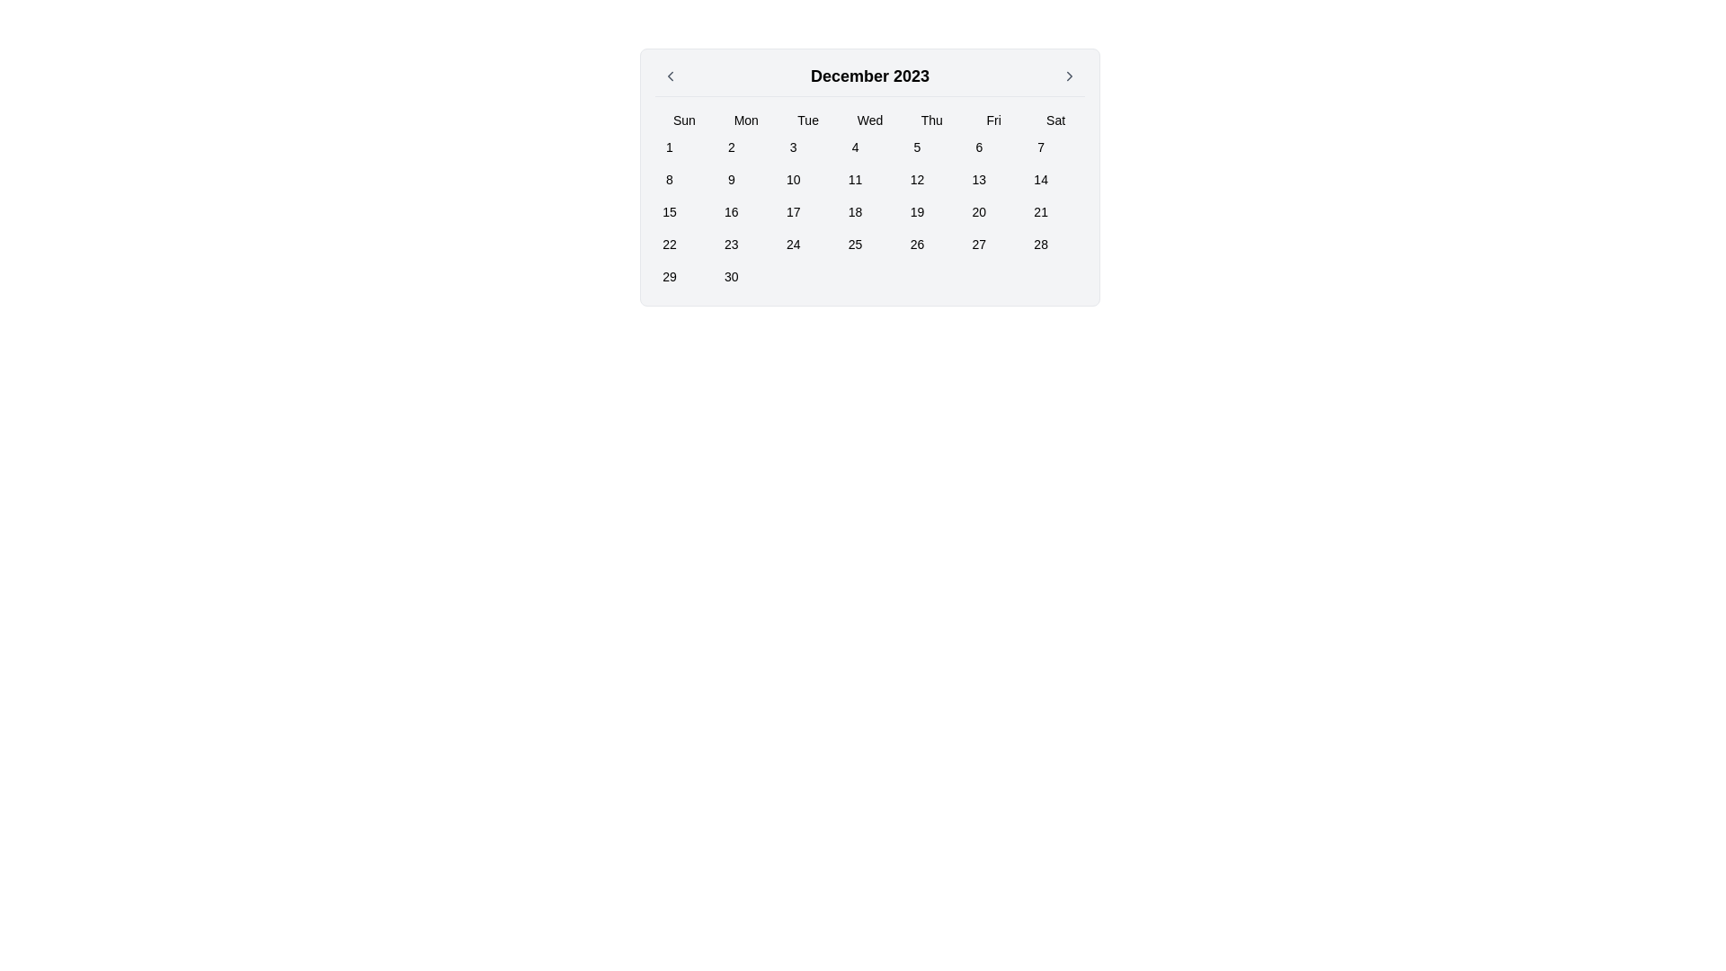 This screenshot has height=971, width=1726. What do you see at coordinates (807, 120) in the screenshot?
I see `the Text Label displaying 'Tue', which is the third header in the weekday names row of the calendar interface` at bounding box center [807, 120].